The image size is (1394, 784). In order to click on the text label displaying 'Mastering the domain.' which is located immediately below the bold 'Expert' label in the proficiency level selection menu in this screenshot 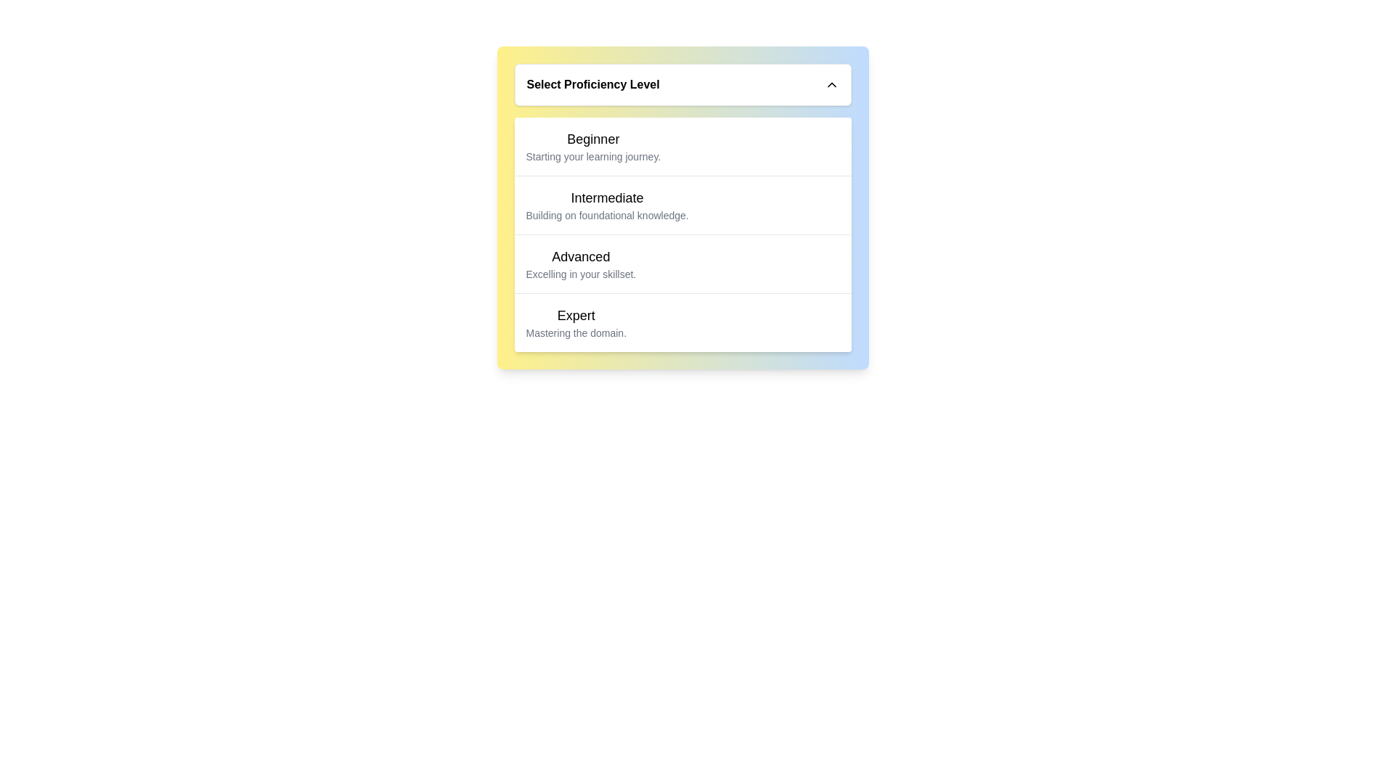, I will do `click(575, 333)`.